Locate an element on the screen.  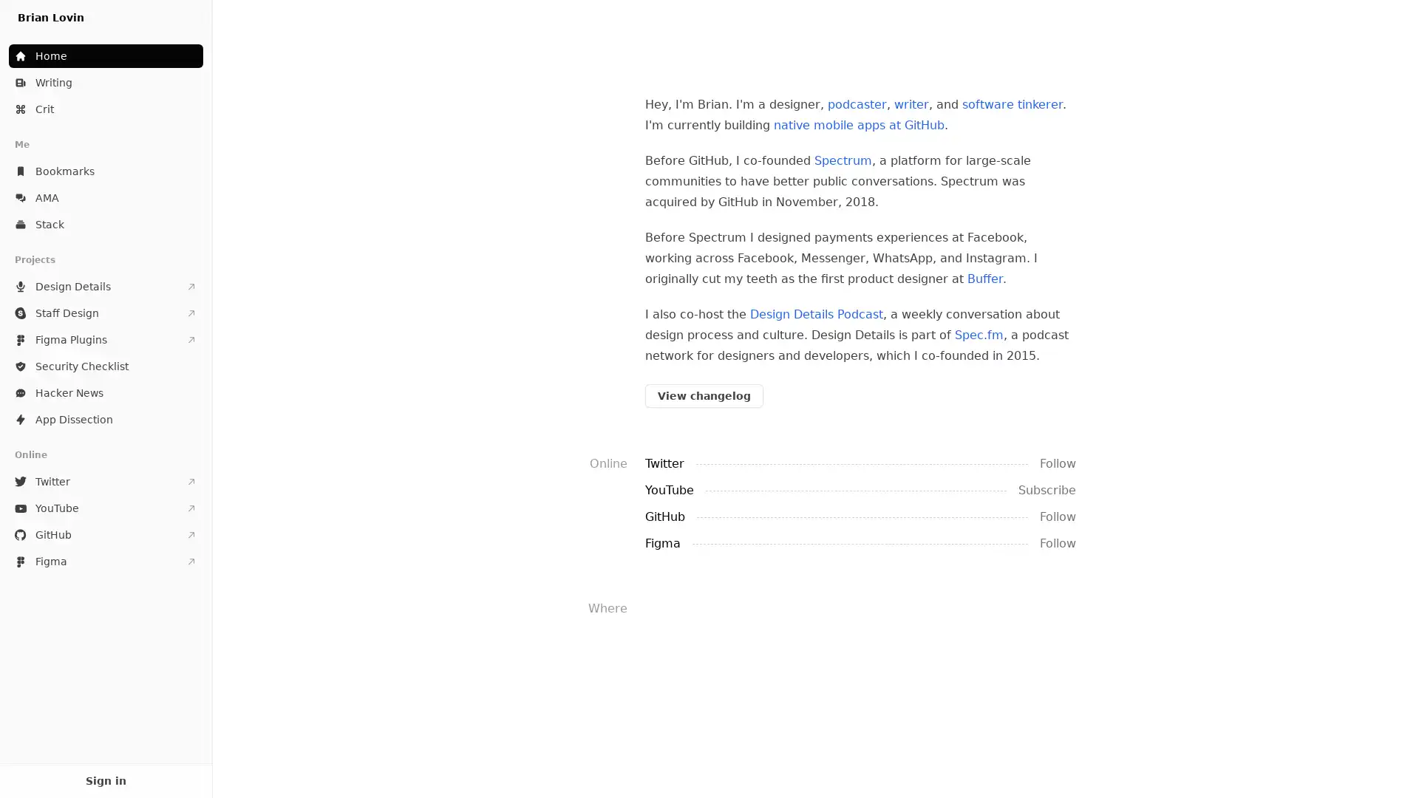
Sign in is located at coordinates (105, 780).